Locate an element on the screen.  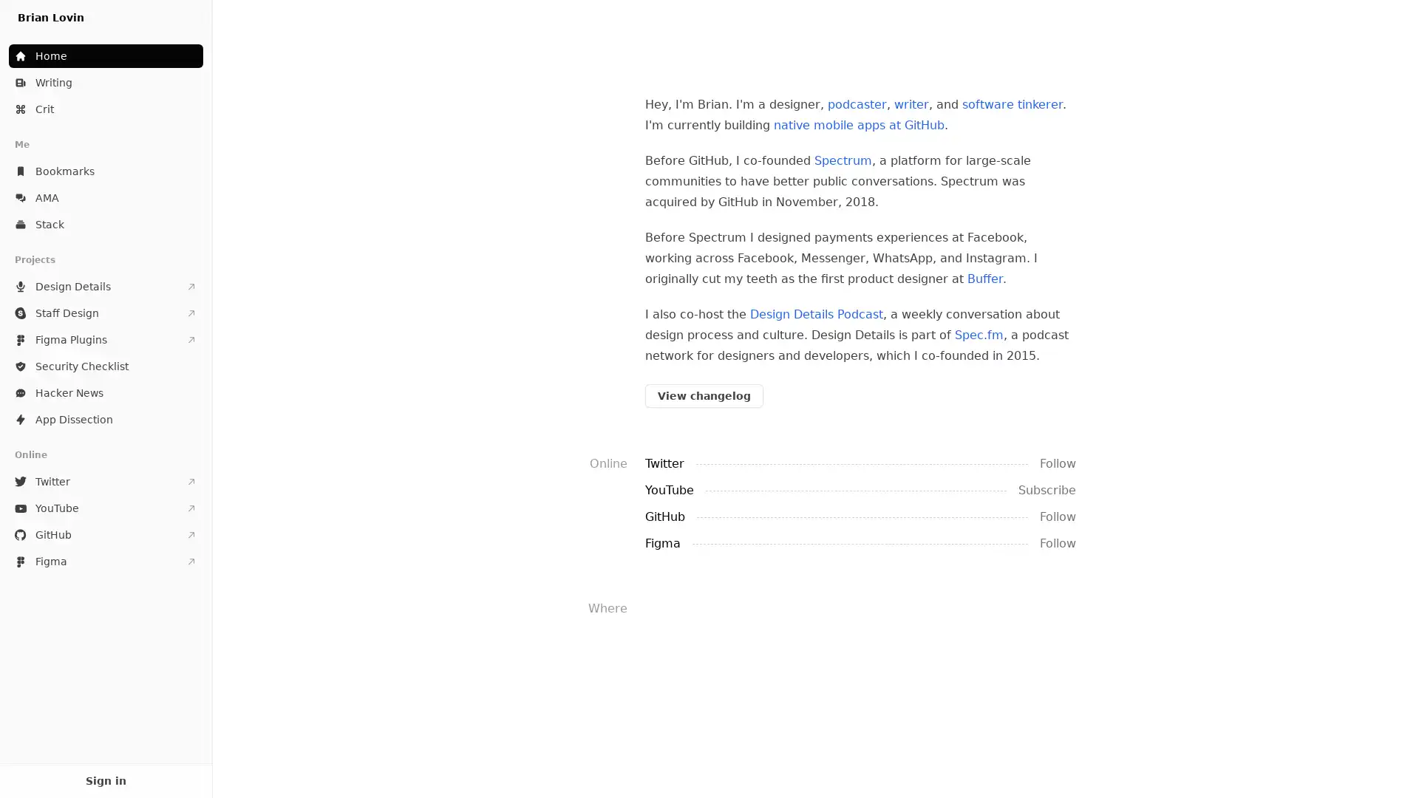
Sign in is located at coordinates (105, 780).